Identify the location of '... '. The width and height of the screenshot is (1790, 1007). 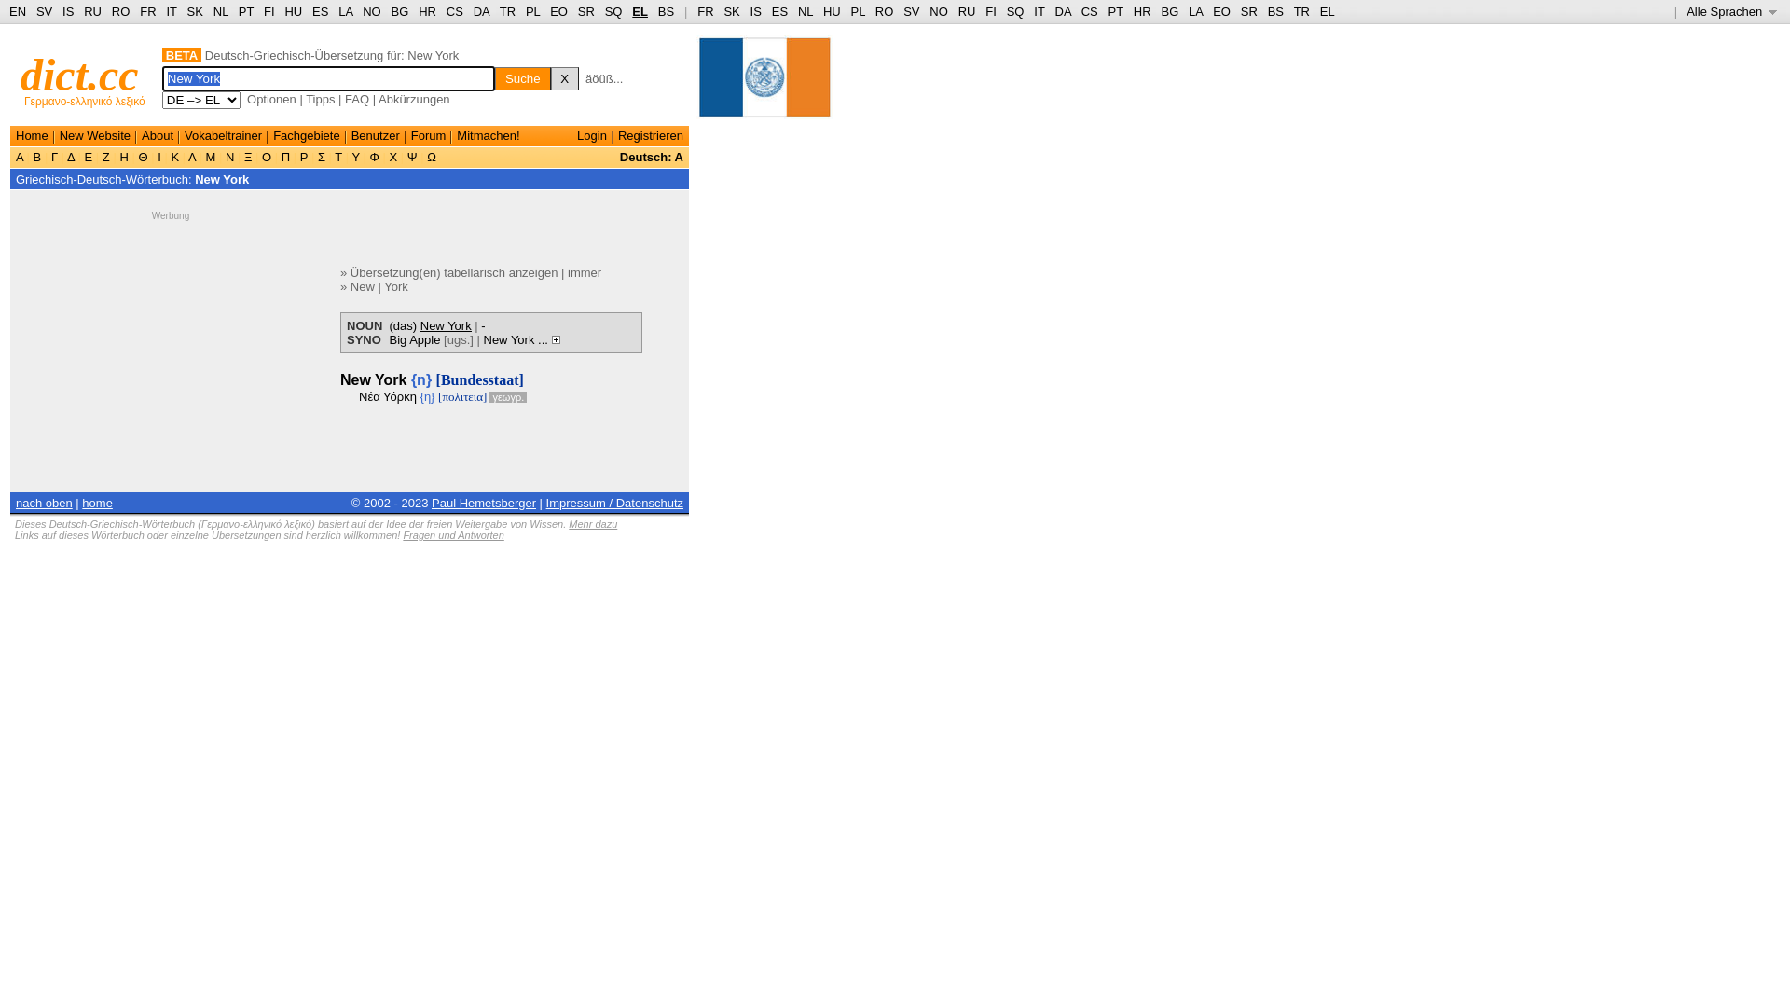
(547, 338).